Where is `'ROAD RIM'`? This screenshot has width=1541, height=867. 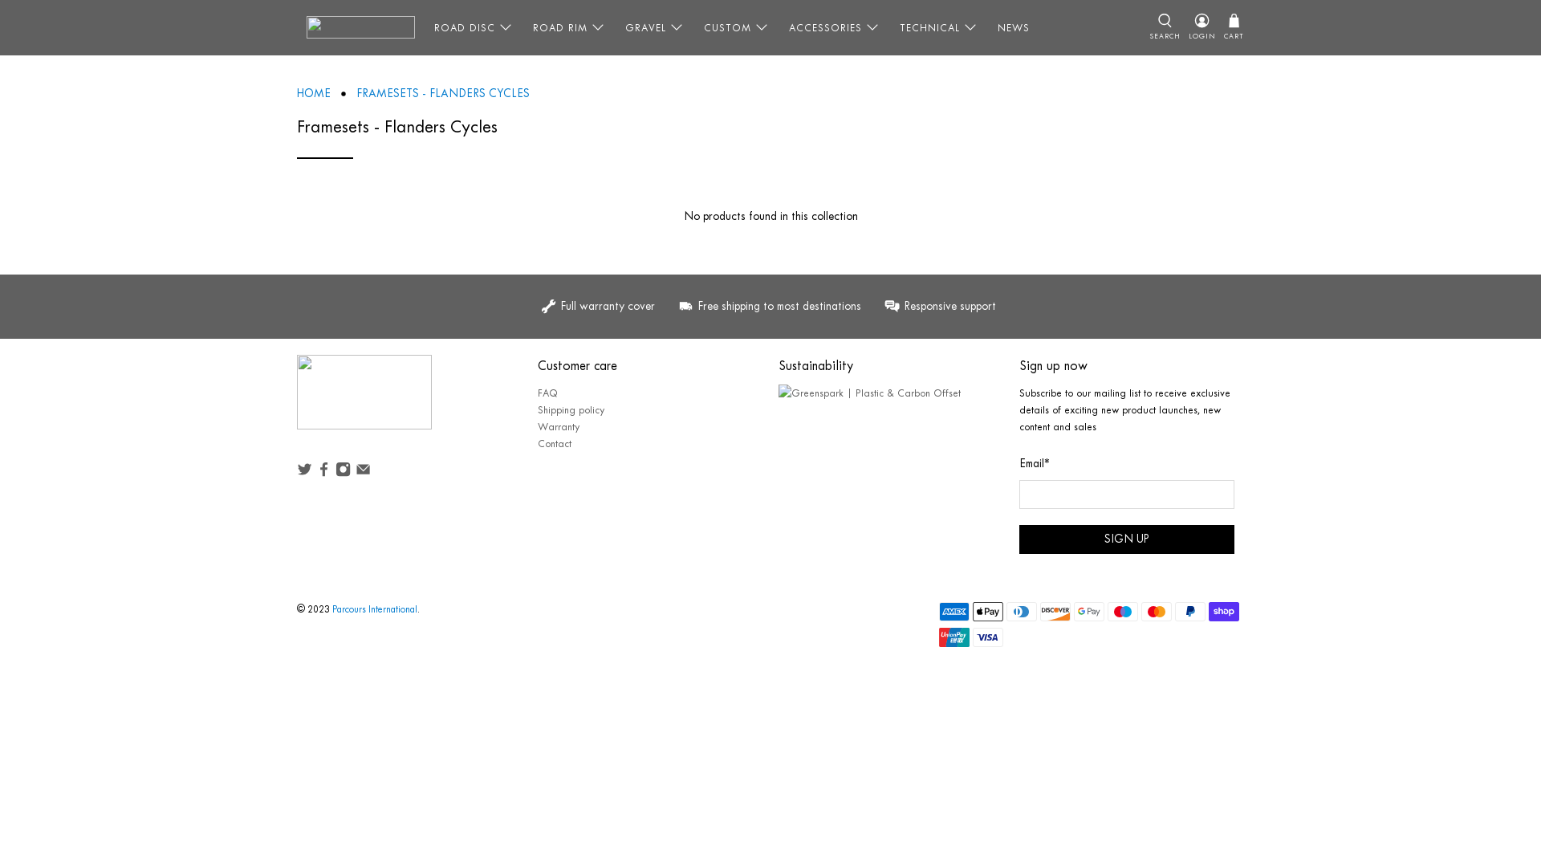
'ROAD RIM' is located at coordinates (569, 27).